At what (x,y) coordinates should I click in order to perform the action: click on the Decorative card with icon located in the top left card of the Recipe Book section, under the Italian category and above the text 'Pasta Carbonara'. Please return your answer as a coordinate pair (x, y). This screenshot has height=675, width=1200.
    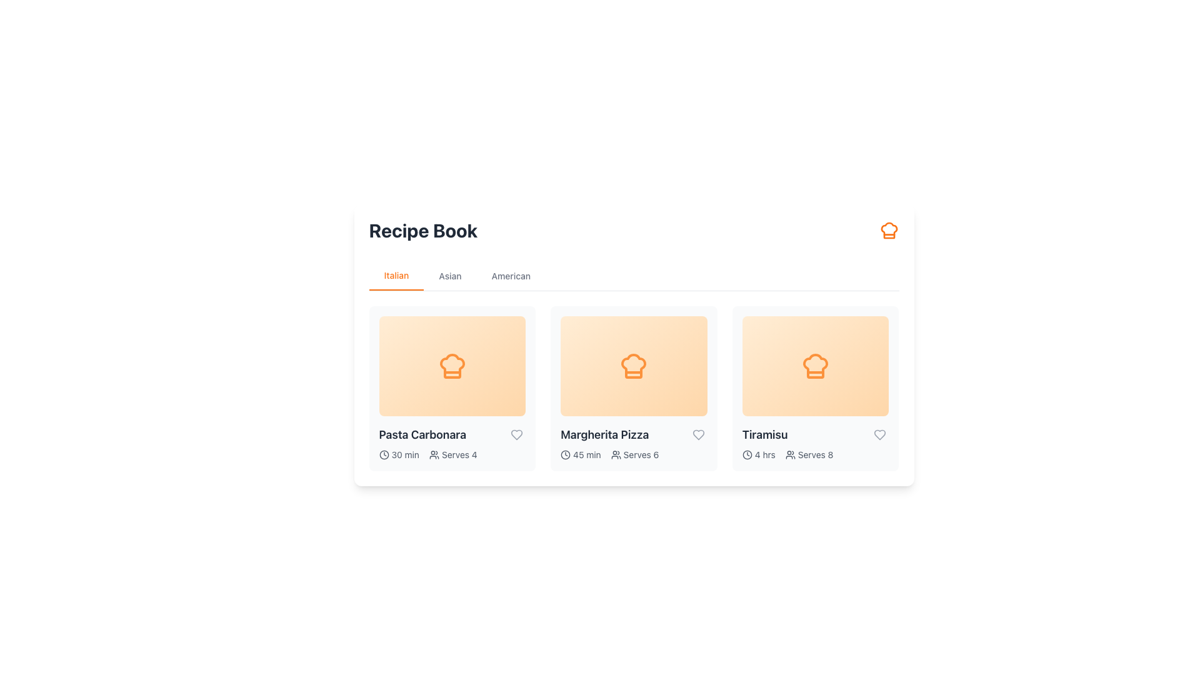
    Looking at the image, I should click on (451, 366).